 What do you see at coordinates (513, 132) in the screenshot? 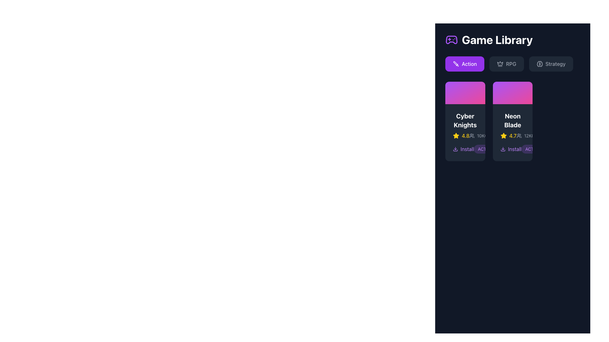
I see `the 'Install' button of the 'Neon Blade' card, which is the second card under the 'Action' filter in the 'Game Library' section` at bounding box center [513, 132].